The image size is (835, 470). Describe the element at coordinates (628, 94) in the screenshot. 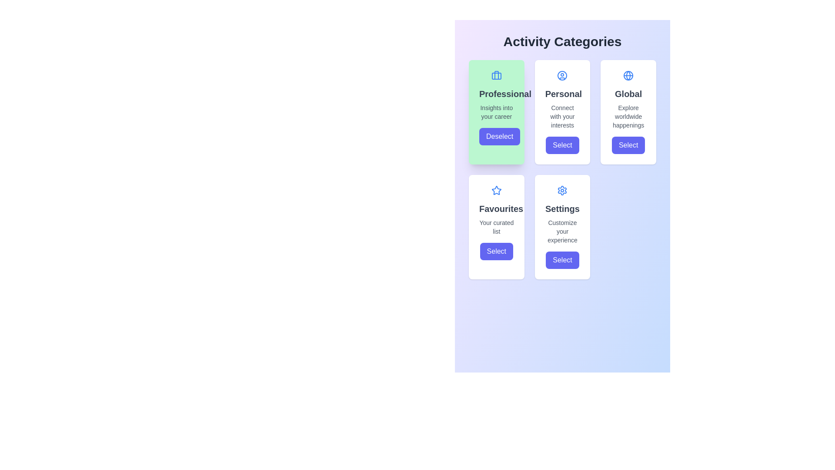

I see `bold, medium-sized dark gray text label displaying 'Global', which is positioned at the center-top of a rectangular card in the top right of the grid of activity category cards` at that location.